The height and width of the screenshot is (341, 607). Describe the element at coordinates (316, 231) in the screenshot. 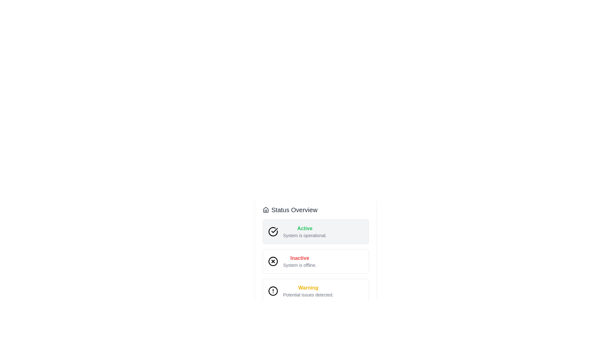

I see `the first Status Card in the vertical list, which features a check-circle icon and prominently displays the word 'Active' in green` at that location.